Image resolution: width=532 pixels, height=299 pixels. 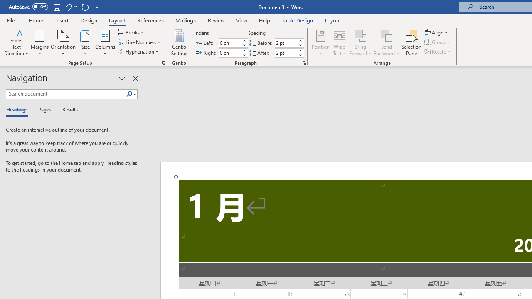 What do you see at coordinates (68, 7) in the screenshot?
I see `'Undo Increase Indent'` at bounding box center [68, 7].